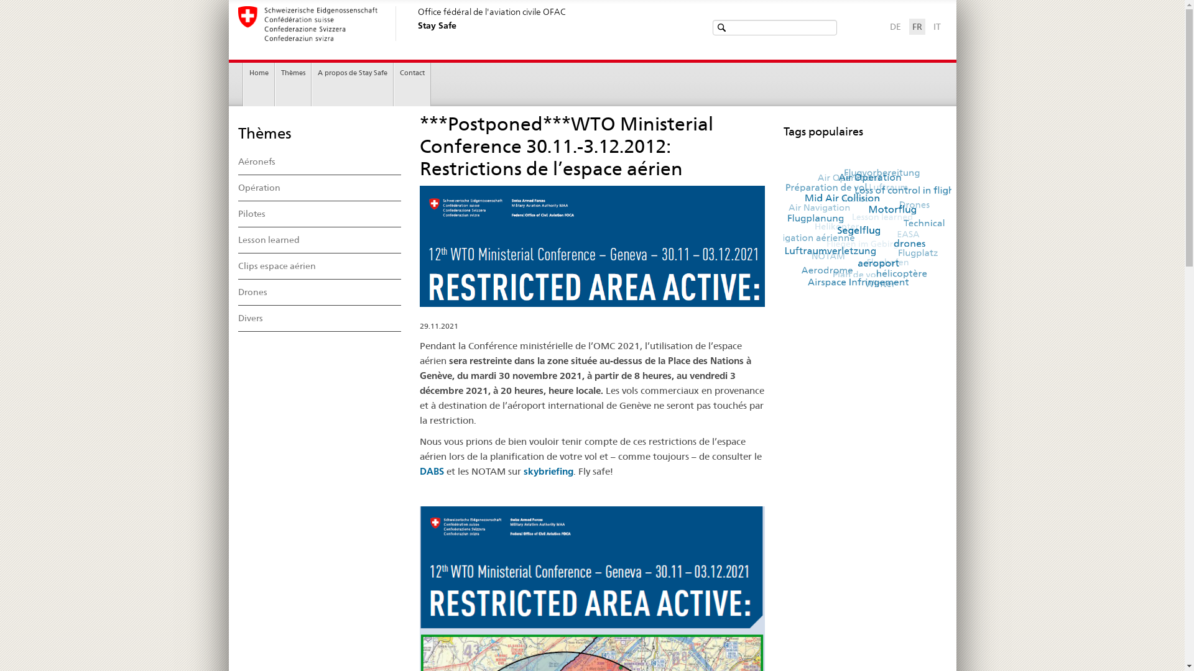  What do you see at coordinates (916, 26) in the screenshot?
I see `'FR'` at bounding box center [916, 26].